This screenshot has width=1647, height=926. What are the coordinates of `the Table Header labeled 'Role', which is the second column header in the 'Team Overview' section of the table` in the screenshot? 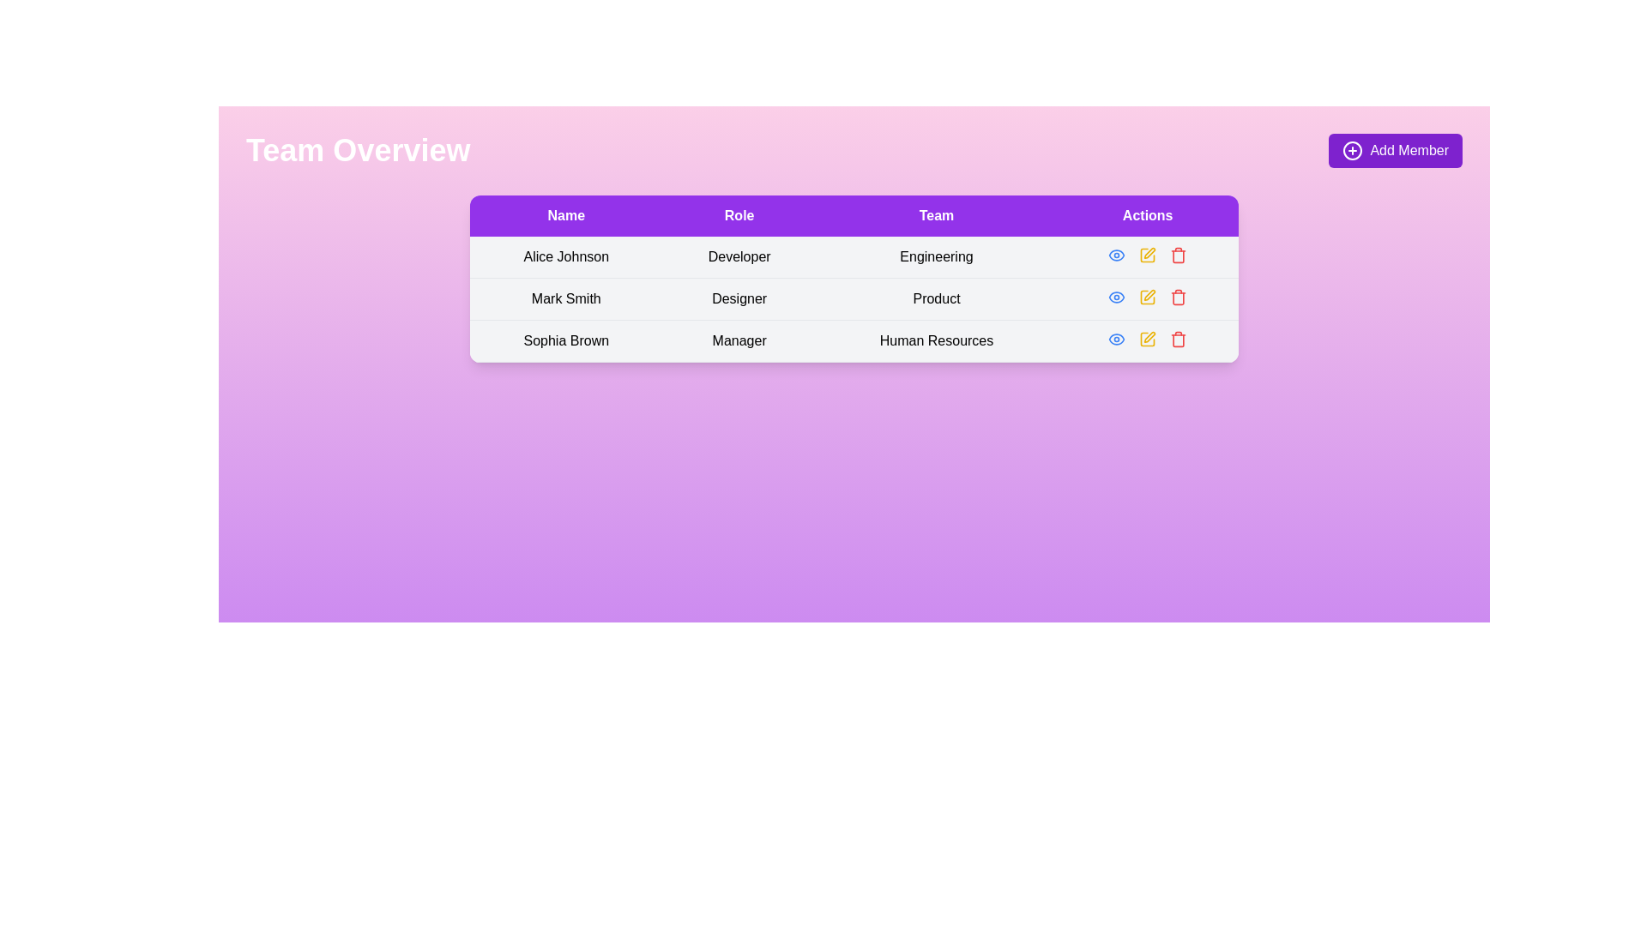 It's located at (739, 214).